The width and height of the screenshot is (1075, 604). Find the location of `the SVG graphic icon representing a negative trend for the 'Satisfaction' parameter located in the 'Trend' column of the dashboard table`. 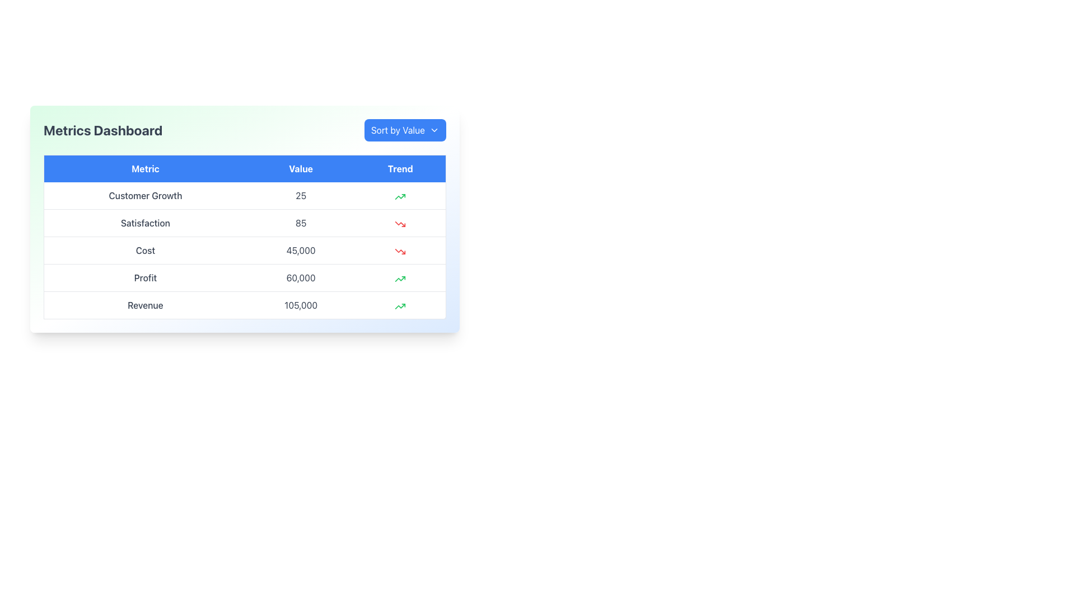

the SVG graphic icon representing a negative trend for the 'Satisfaction' parameter located in the 'Trend' column of the dashboard table is located at coordinates (400, 224).